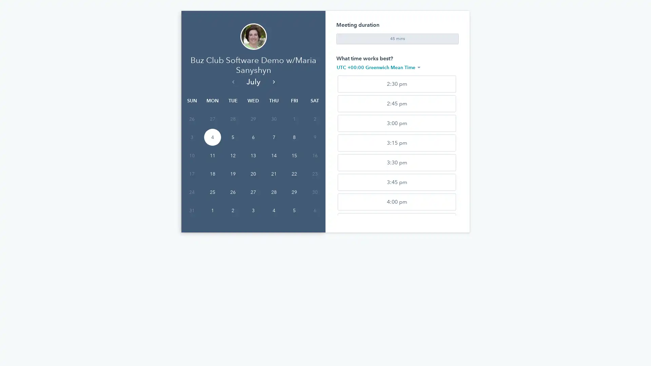 Image resolution: width=651 pixels, height=366 pixels. I want to click on July 13th, so click(253, 181).